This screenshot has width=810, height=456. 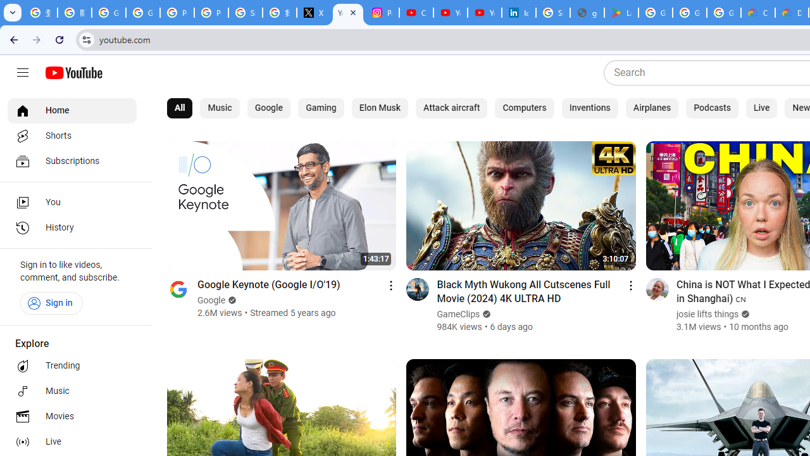 I want to click on 'YouTube Culture & Trends - YouTube Top 10, 2021', so click(x=484, y=13).